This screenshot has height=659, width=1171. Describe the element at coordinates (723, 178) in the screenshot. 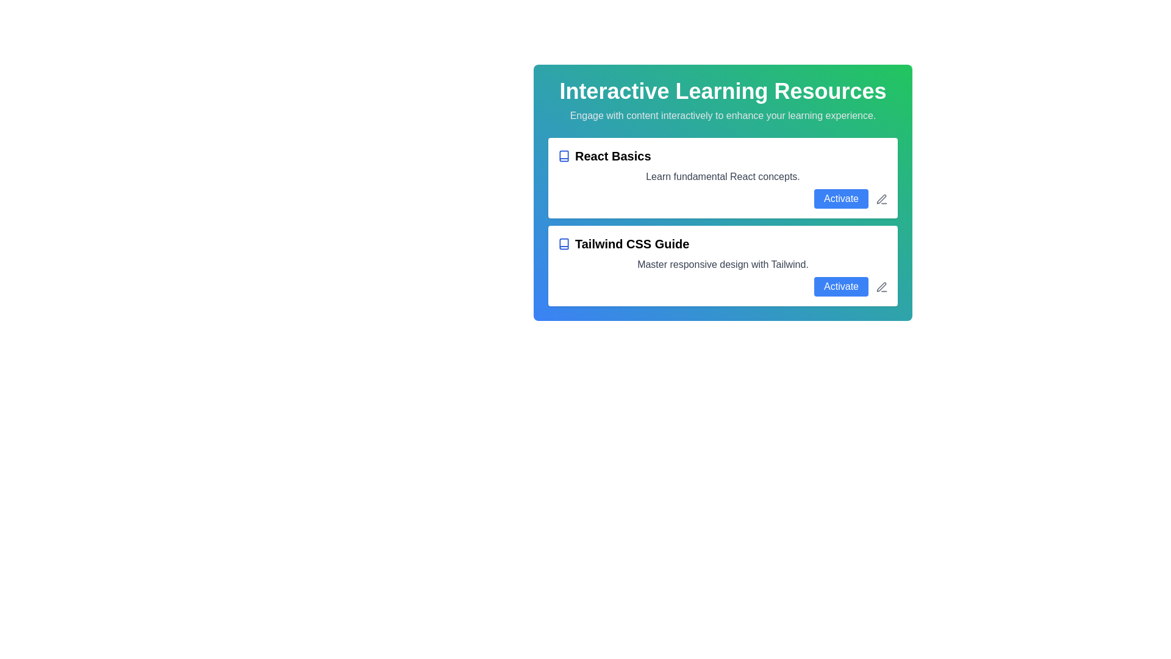

I see `the first card titled 'React Basics' in the 'Interactive Learning Resources' section` at that location.